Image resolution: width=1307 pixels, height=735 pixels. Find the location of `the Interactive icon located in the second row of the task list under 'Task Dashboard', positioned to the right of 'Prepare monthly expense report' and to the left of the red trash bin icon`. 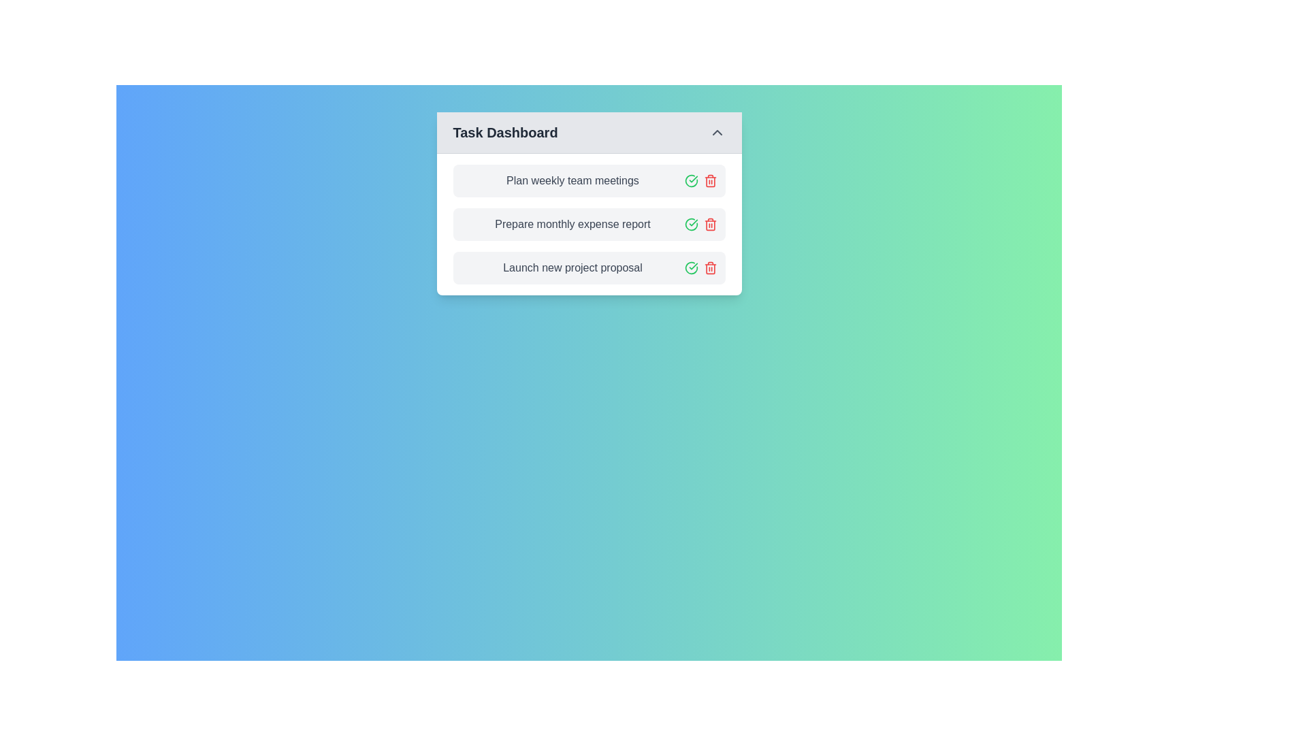

the Interactive icon located in the second row of the task list under 'Task Dashboard', positioned to the right of 'Prepare monthly expense report' and to the left of the red trash bin icon is located at coordinates (691, 180).